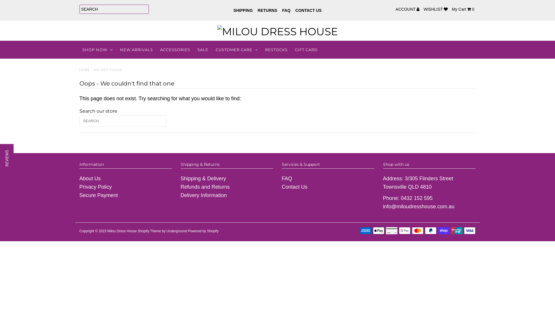 The image size is (555, 312). What do you see at coordinates (84, 70) in the screenshot?
I see `'HOME'` at bounding box center [84, 70].